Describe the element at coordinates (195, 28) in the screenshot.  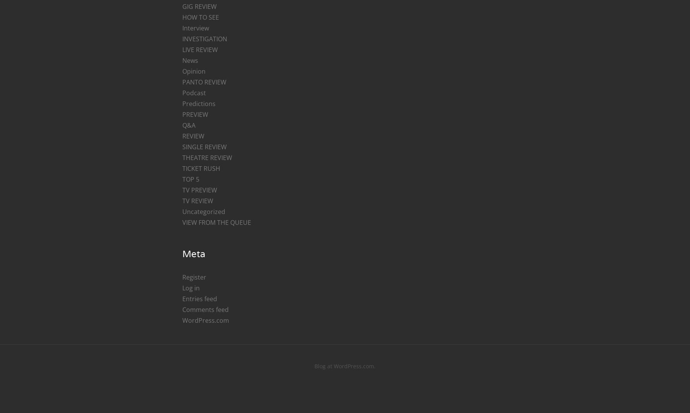
I see `'Interview'` at that location.